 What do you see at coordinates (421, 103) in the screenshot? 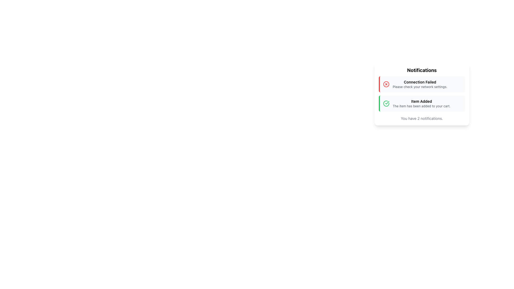
I see `information presented in the text display element that shows 'Item Added' and 'The item has been added to your cart.'` at bounding box center [421, 103].